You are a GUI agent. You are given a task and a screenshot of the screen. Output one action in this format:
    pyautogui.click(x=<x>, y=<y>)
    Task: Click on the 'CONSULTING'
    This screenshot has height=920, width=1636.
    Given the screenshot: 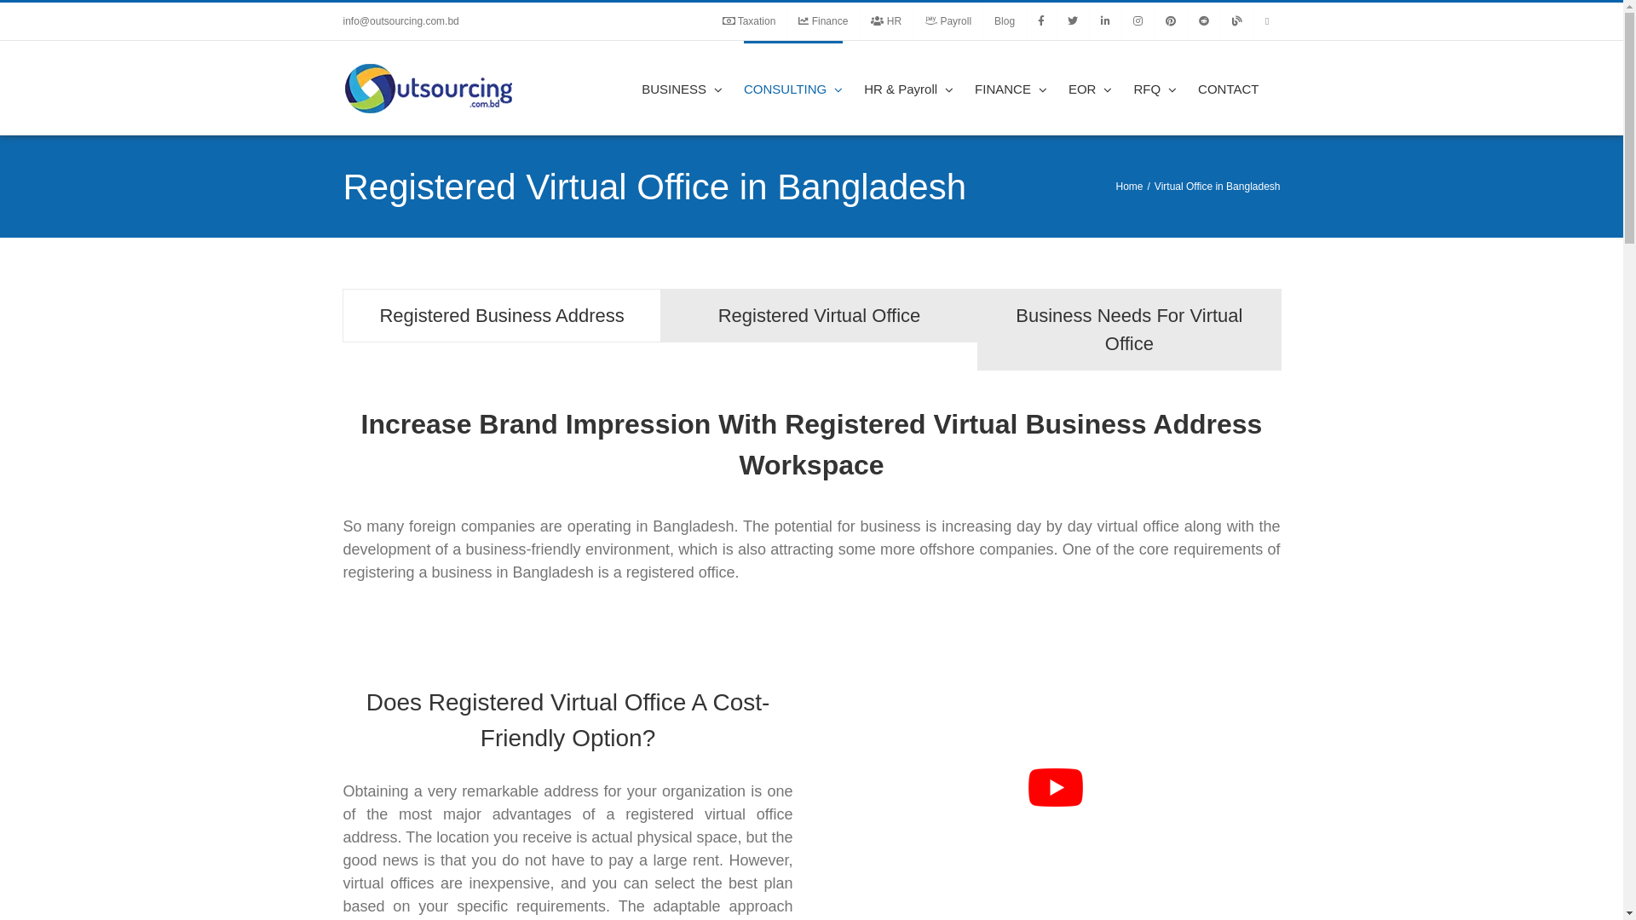 What is the action you would take?
    pyautogui.click(x=792, y=88)
    